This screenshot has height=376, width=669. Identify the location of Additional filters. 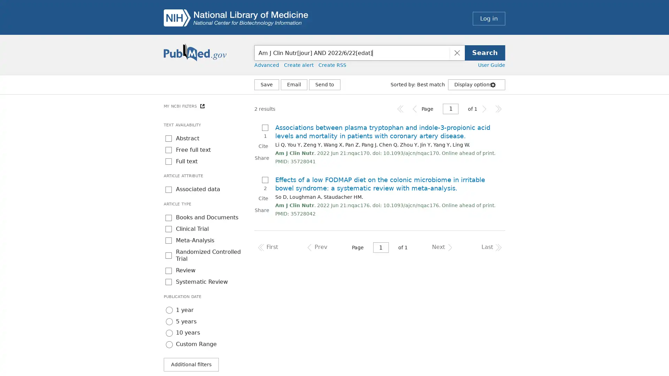
(191, 364).